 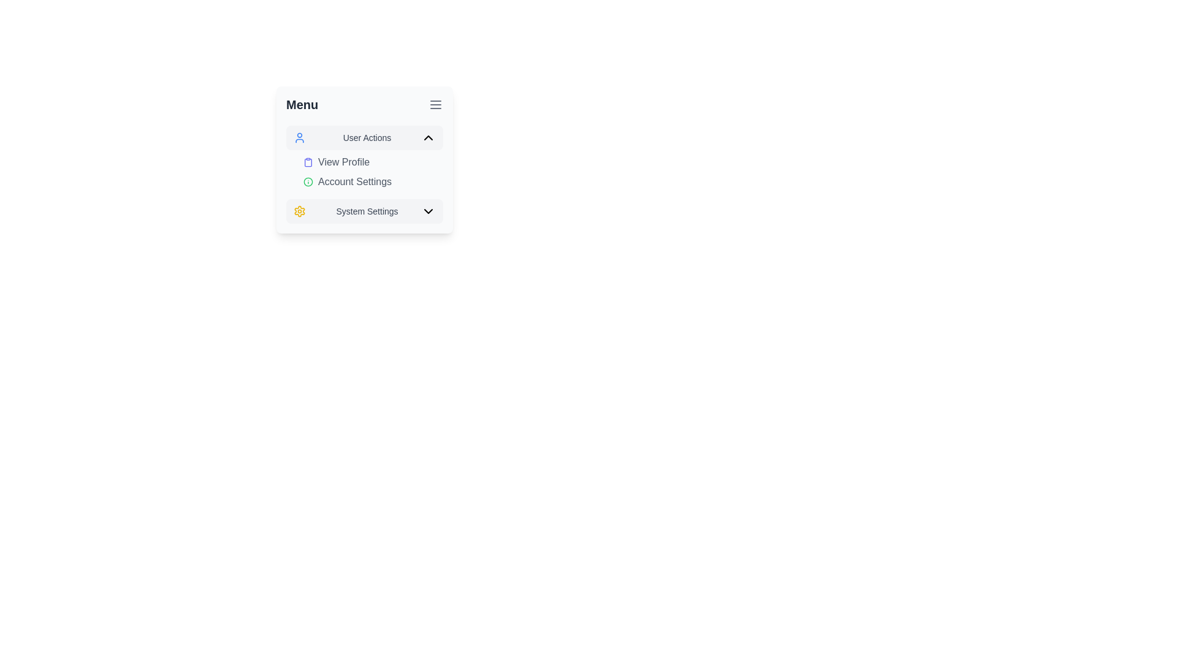 I want to click on the navigational button for 'Account Settings' located in the vertical menu, positioned below 'View Profile' and above 'System Settings', so click(x=373, y=182).